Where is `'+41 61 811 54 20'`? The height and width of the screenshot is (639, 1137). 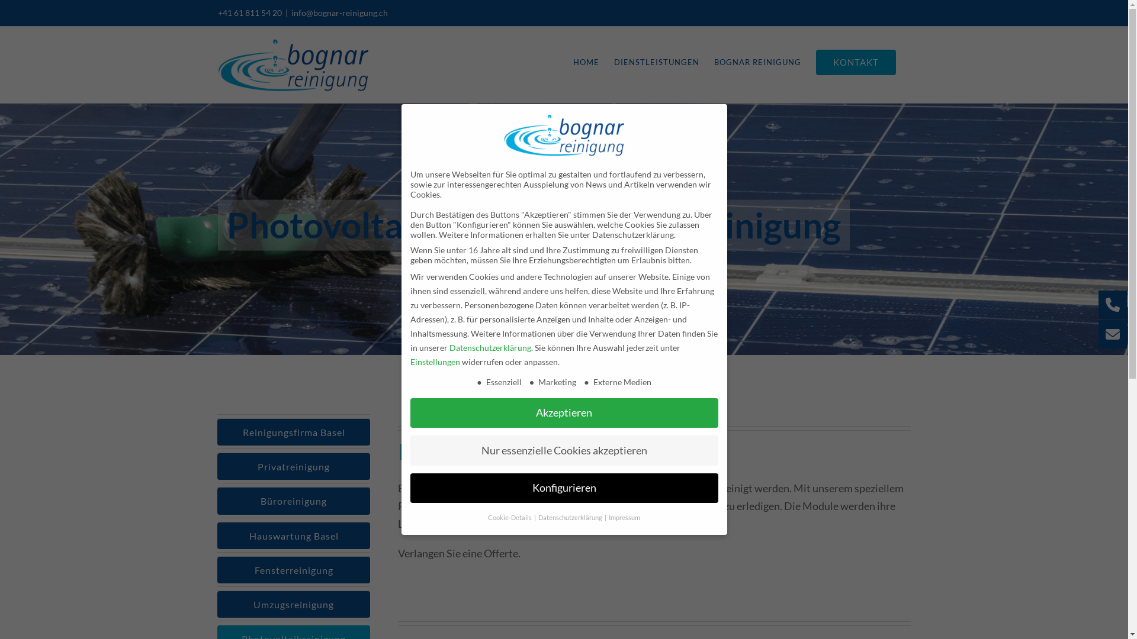
'+41 61 811 54 20' is located at coordinates (249, 12).